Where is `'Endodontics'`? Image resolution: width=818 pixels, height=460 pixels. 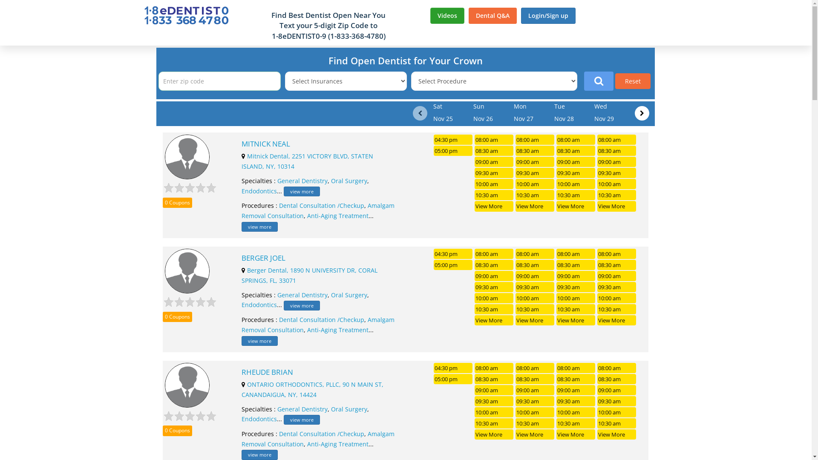 'Endodontics' is located at coordinates (259, 190).